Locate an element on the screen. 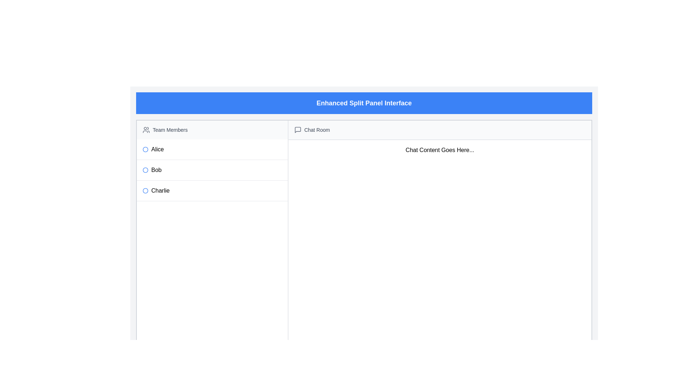 Image resolution: width=695 pixels, height=391 pixels. the blue outlined circle icon to the left of the user name 'Bob' in the 'Team Members' section is located at coordinates (145, 170).